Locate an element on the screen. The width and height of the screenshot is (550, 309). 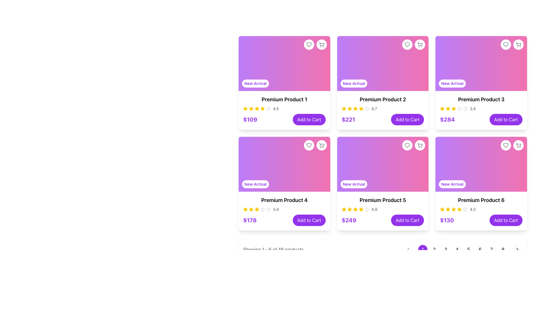
the shopping cart icon in the top-right corner of the sixth product card is located at coordinates (512, 145).